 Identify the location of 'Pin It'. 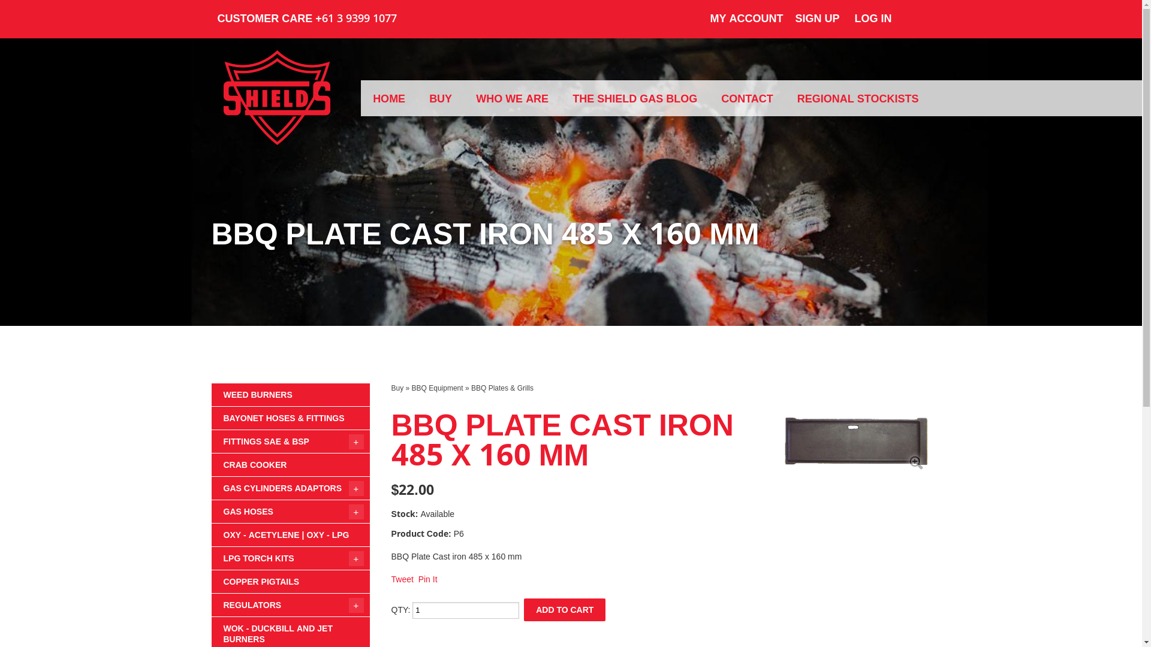
(428, 578).